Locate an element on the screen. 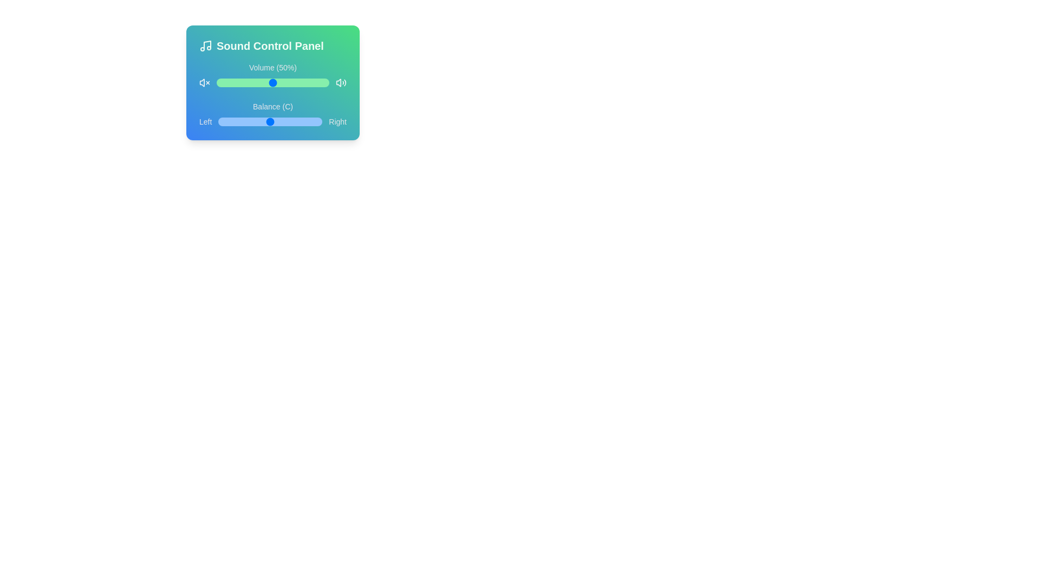 This screenshot has height=585, width=1040. the volume level is located at coordinates (220, 82).